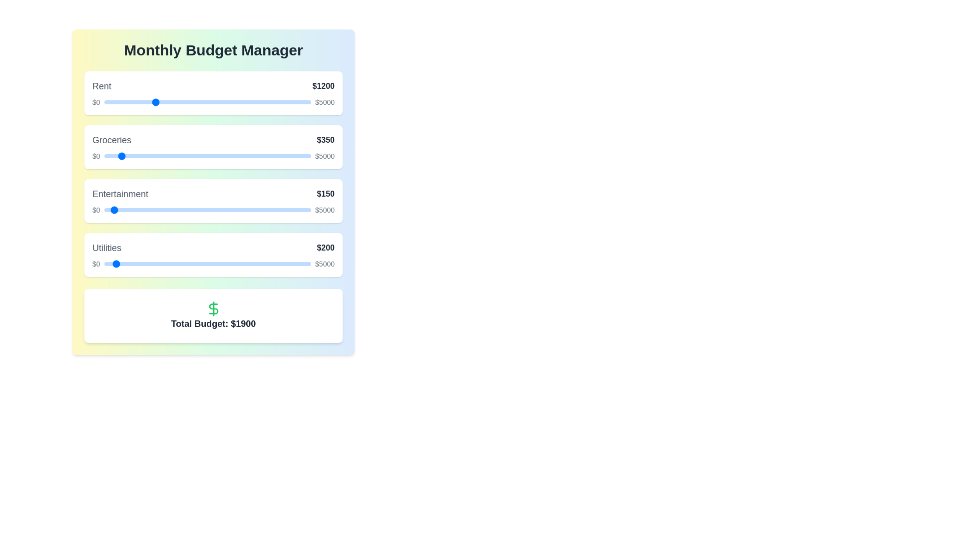 The width and height of the screenshot is (959, 539). Describe the element at coordinates (106, 209) in the screenshot. I see `the value of the slider` at that location.